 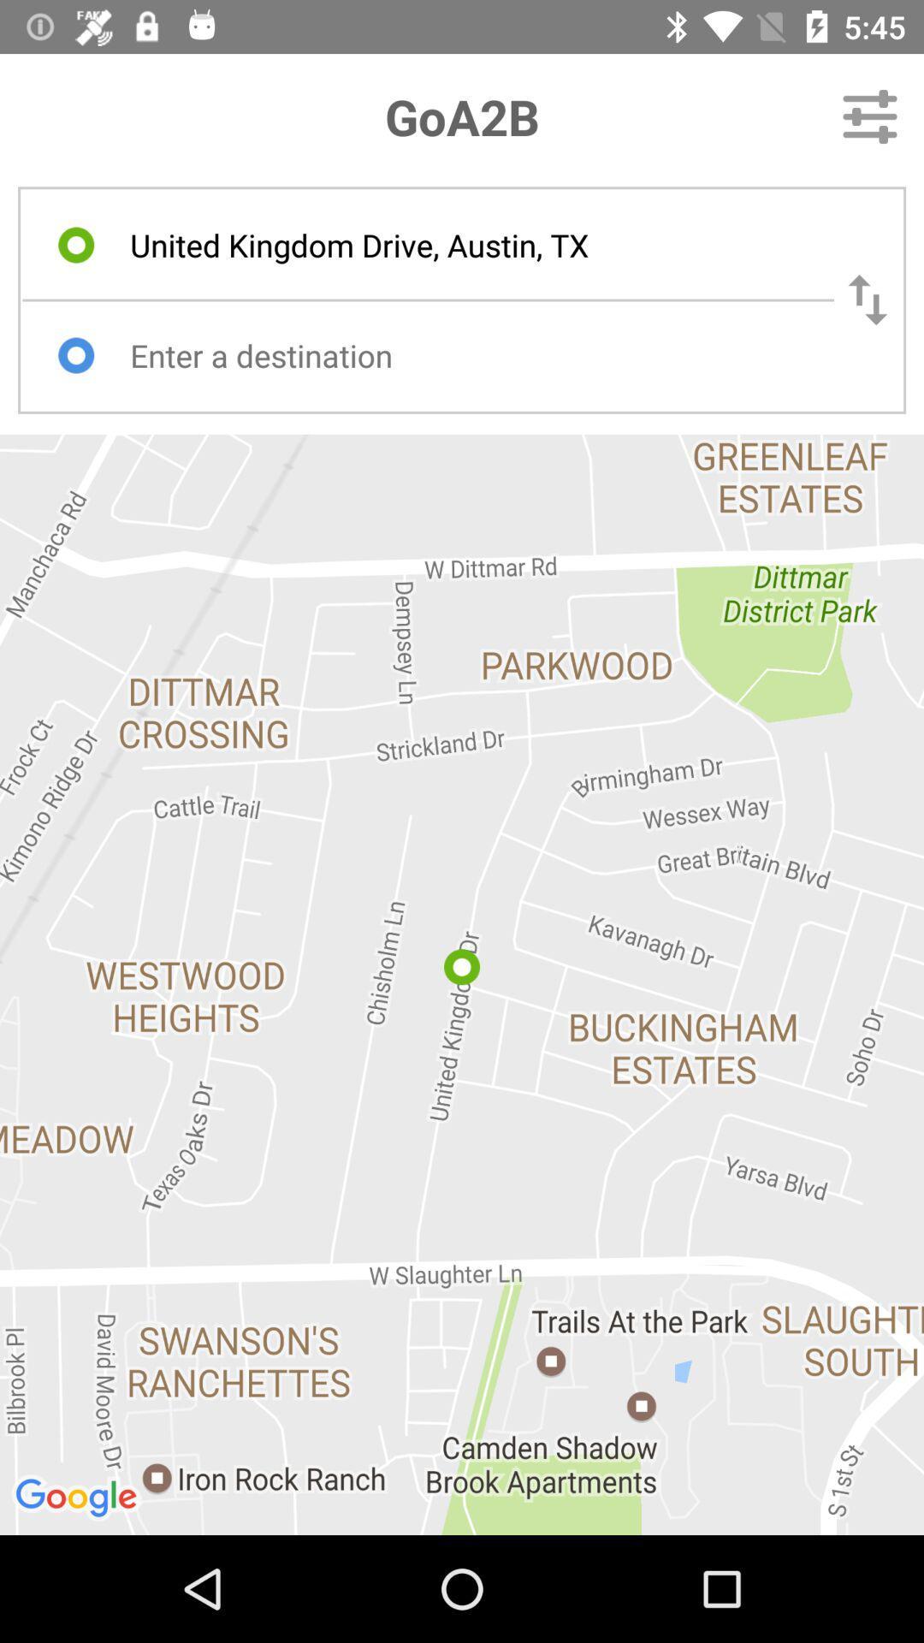 What do you see at coordinates (868, 300) in the screenshot?
I see `the compare icon` at bounding box center [868, 300].